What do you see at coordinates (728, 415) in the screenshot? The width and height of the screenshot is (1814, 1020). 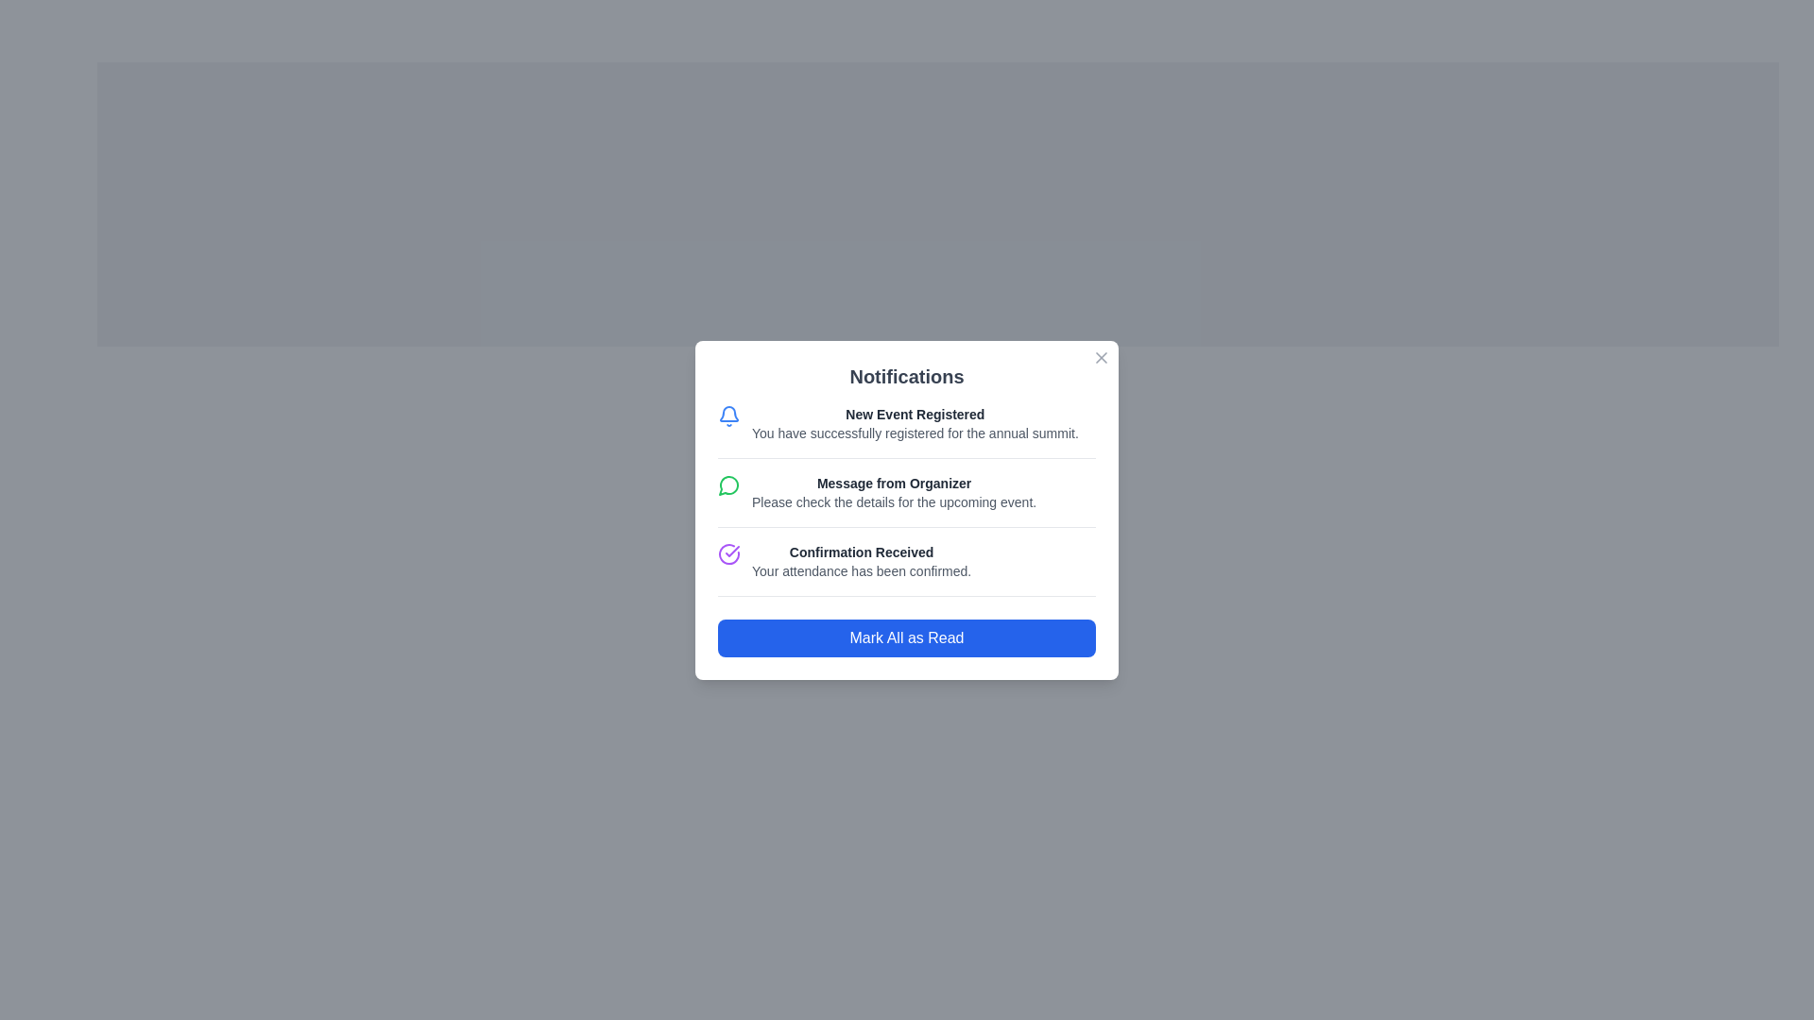 I see `the notification bell icon, which is blue and outlined, located next to the text 'New Event Registered' in the top-left area of the first notification card` at bounding box center [728, 415].